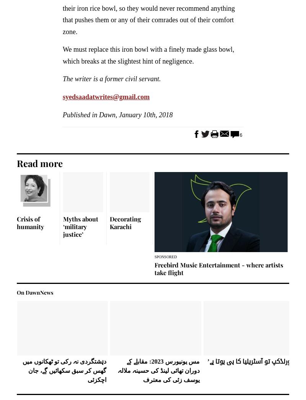  Describe the element at coordinates (218, 268) in the screenshot. I see `'Freebird Music Entertainment - where artists take flight'` at that location.